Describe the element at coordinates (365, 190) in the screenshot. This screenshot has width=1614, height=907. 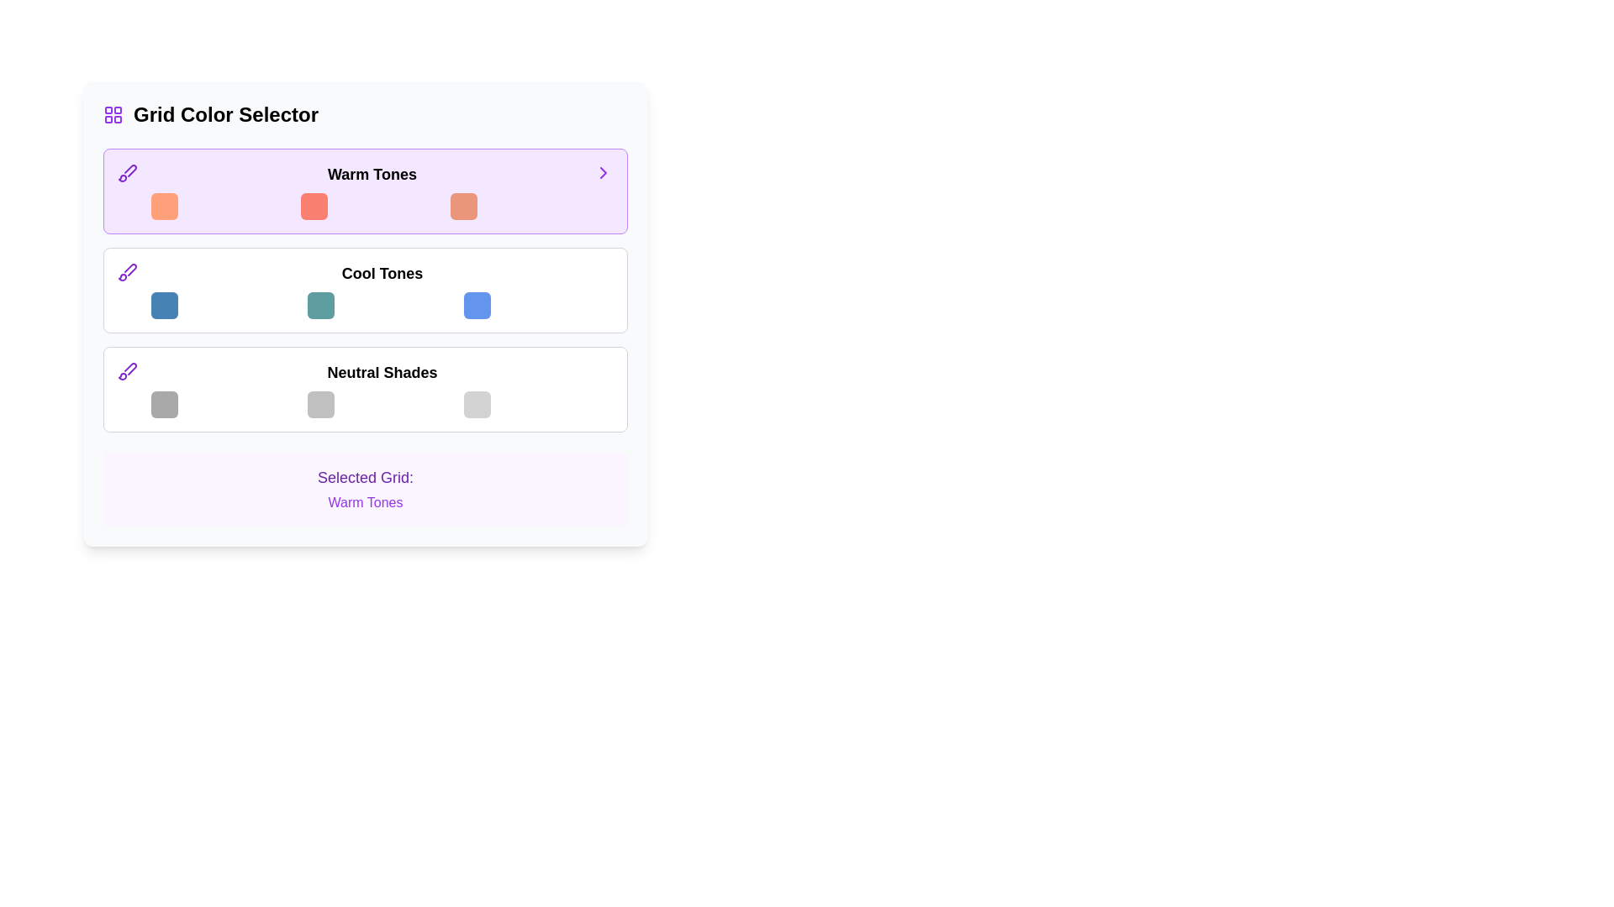
I see `the 'Warm Tones' Card component` at that location.